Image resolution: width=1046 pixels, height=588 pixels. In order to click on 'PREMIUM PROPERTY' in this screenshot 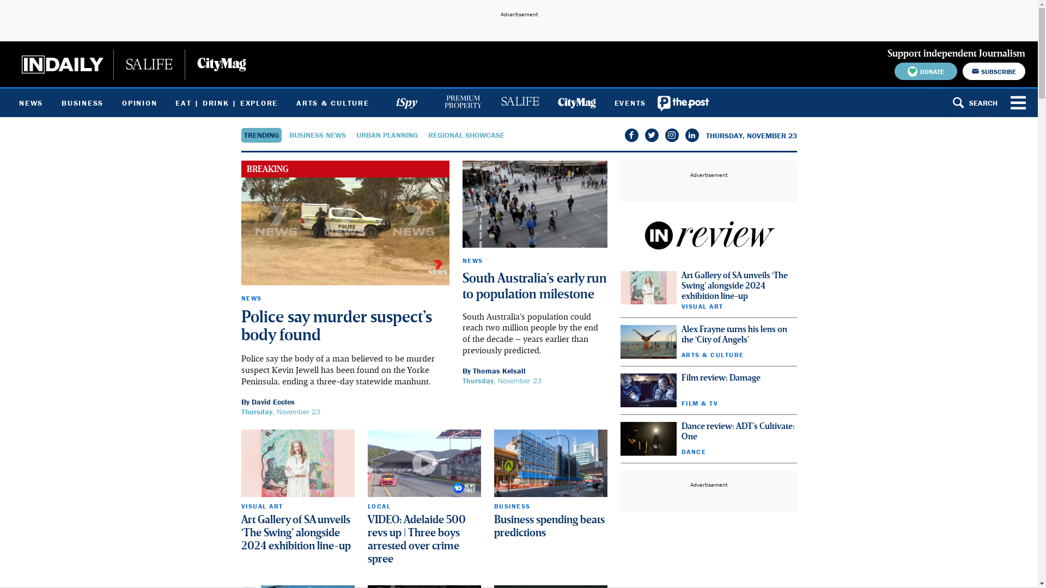, I will do `click(463, 103)`.